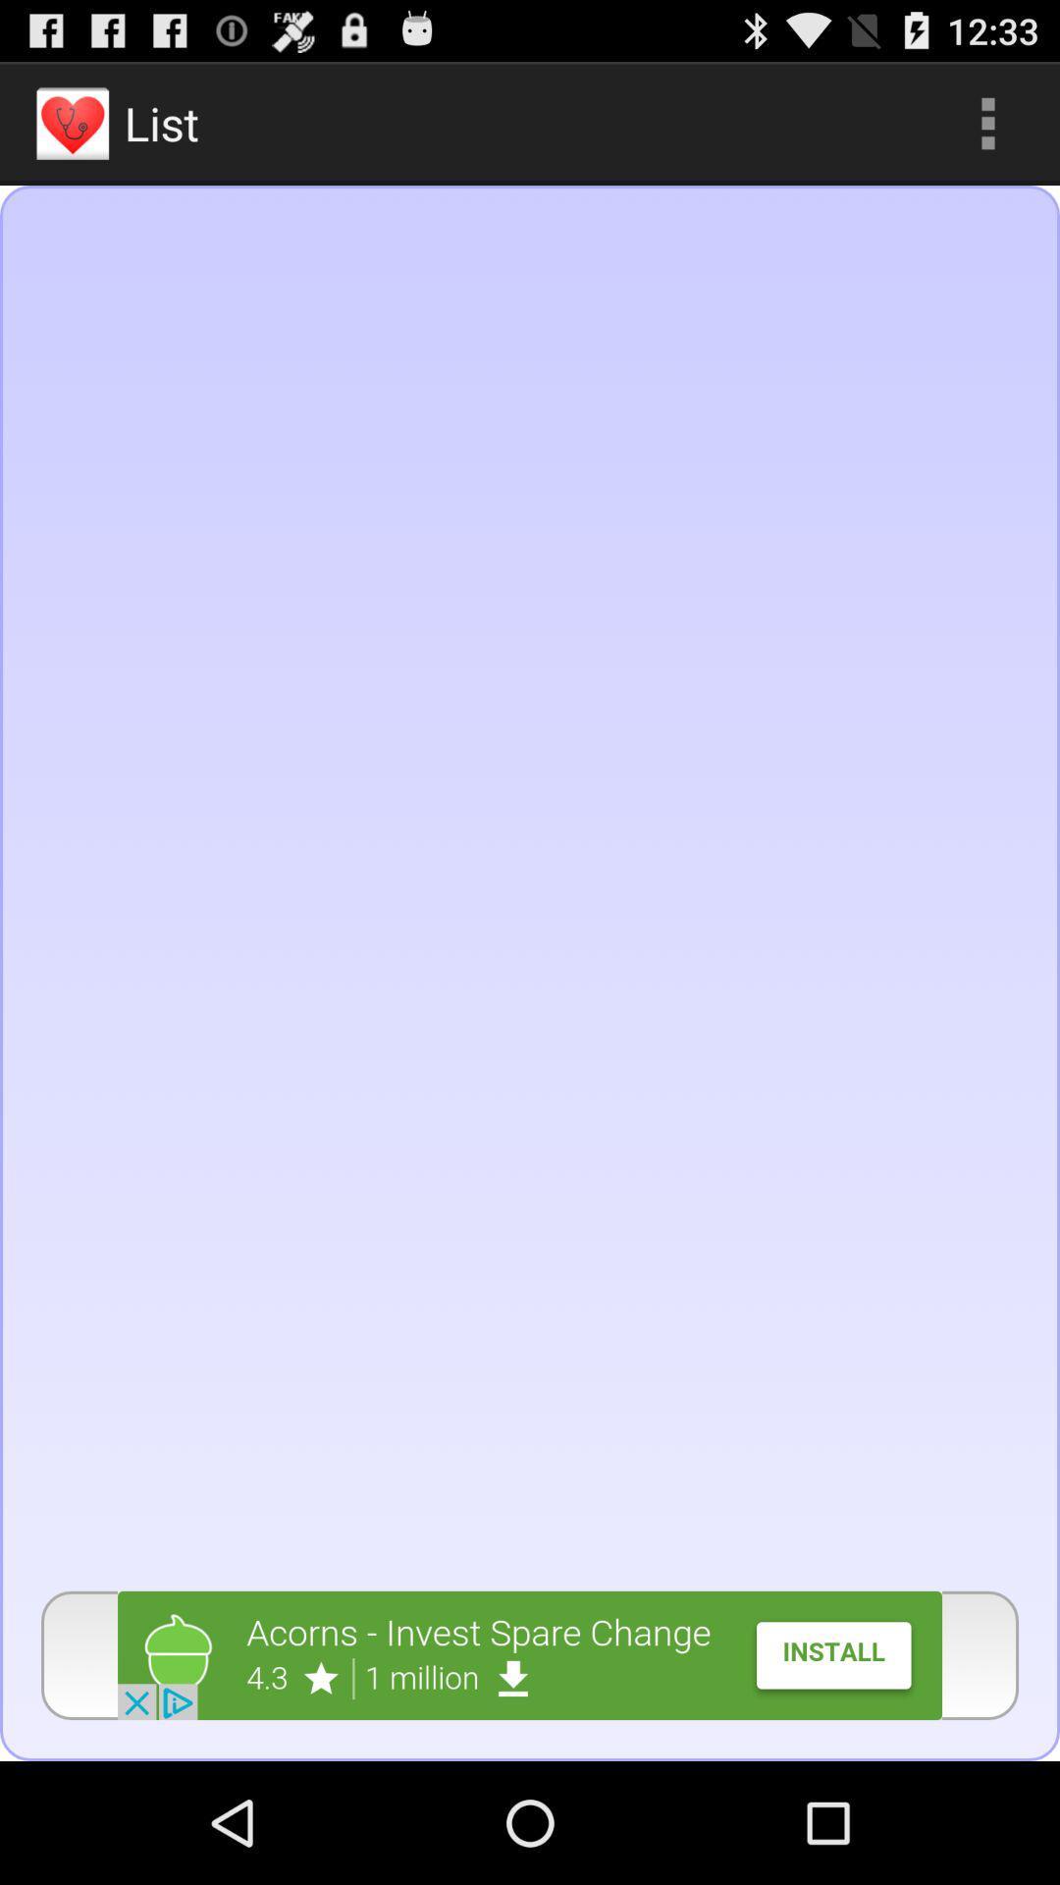 The height and width of the screenshot is (1885, 1060). Describe the element at coordinates (530, 1654) in the screenshot. I see `install the app` at that location.